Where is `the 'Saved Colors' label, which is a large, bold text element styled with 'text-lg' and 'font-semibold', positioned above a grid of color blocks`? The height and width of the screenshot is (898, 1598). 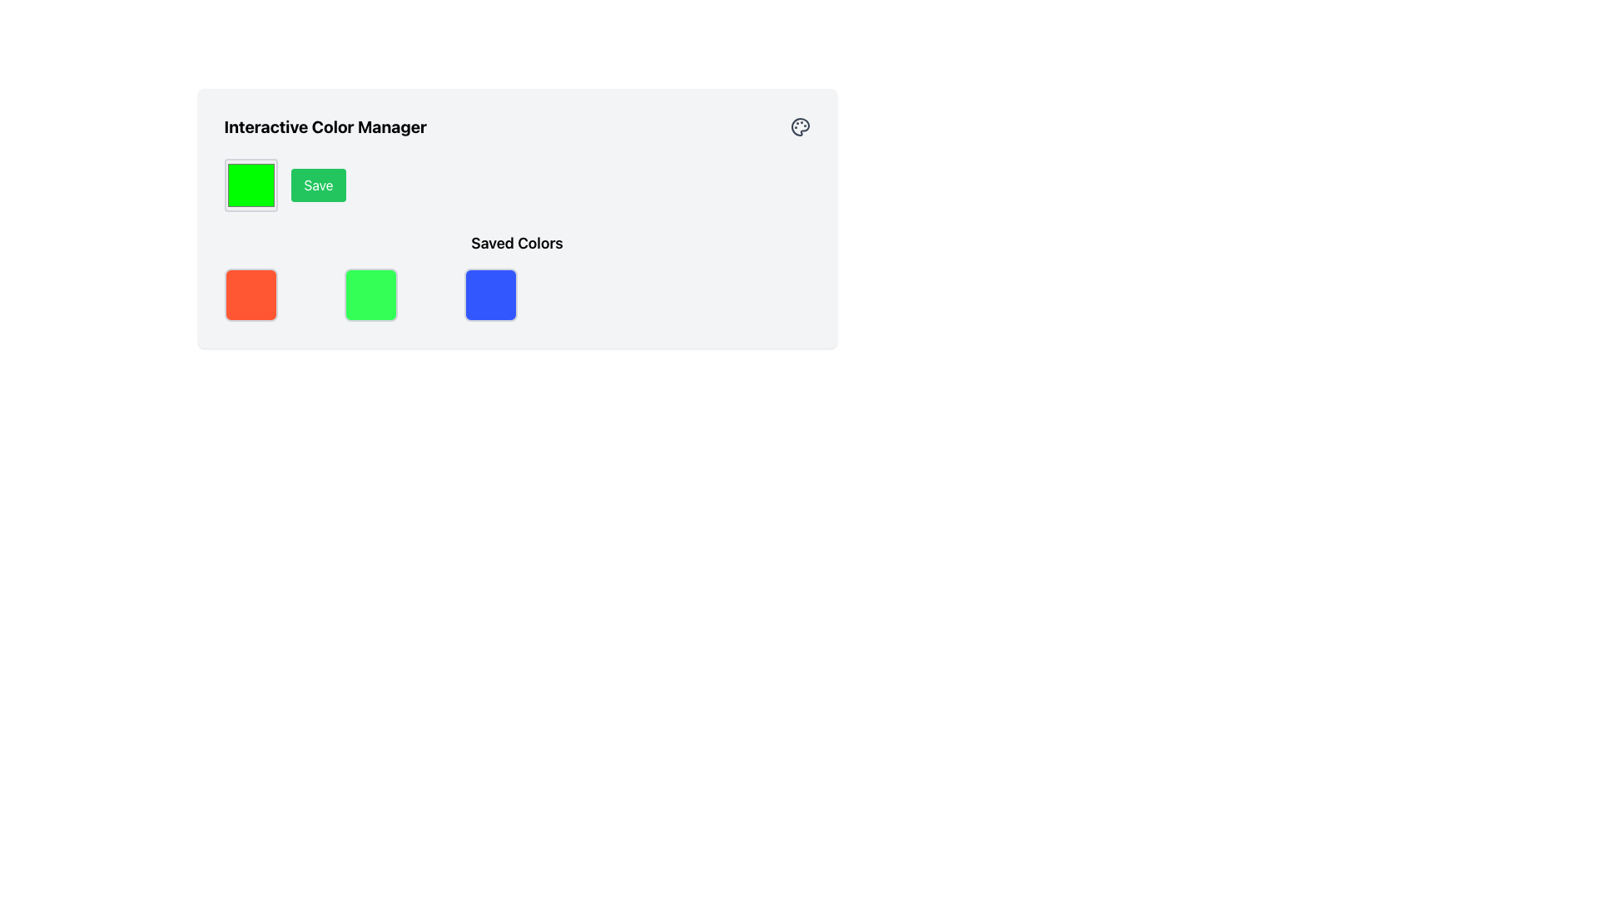
the 'Saved Colors' label, which is a large, bold text element styled with 'text-lg' and 'font-semibold', positioned above a grid of color blocks is located at coordinates (516, 244).